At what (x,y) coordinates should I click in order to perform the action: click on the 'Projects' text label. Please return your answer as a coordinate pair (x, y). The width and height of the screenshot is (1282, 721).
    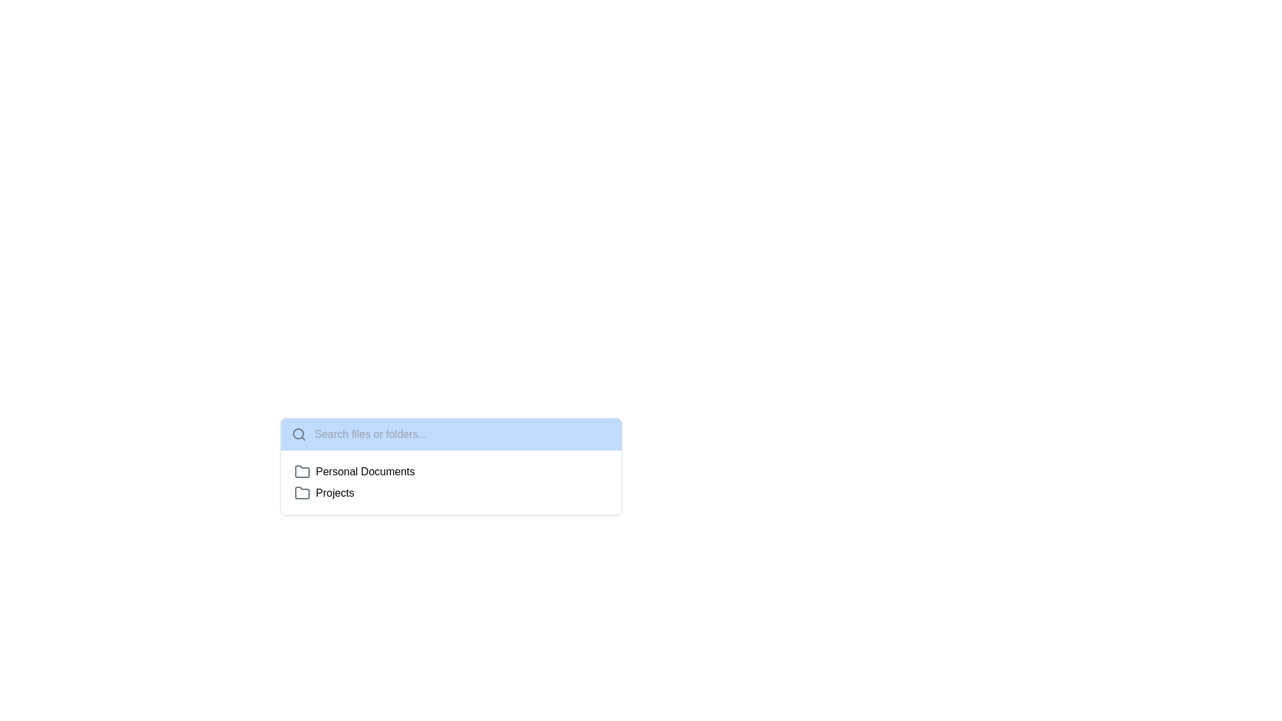
    Looking at the image, I should click on (335, 493).